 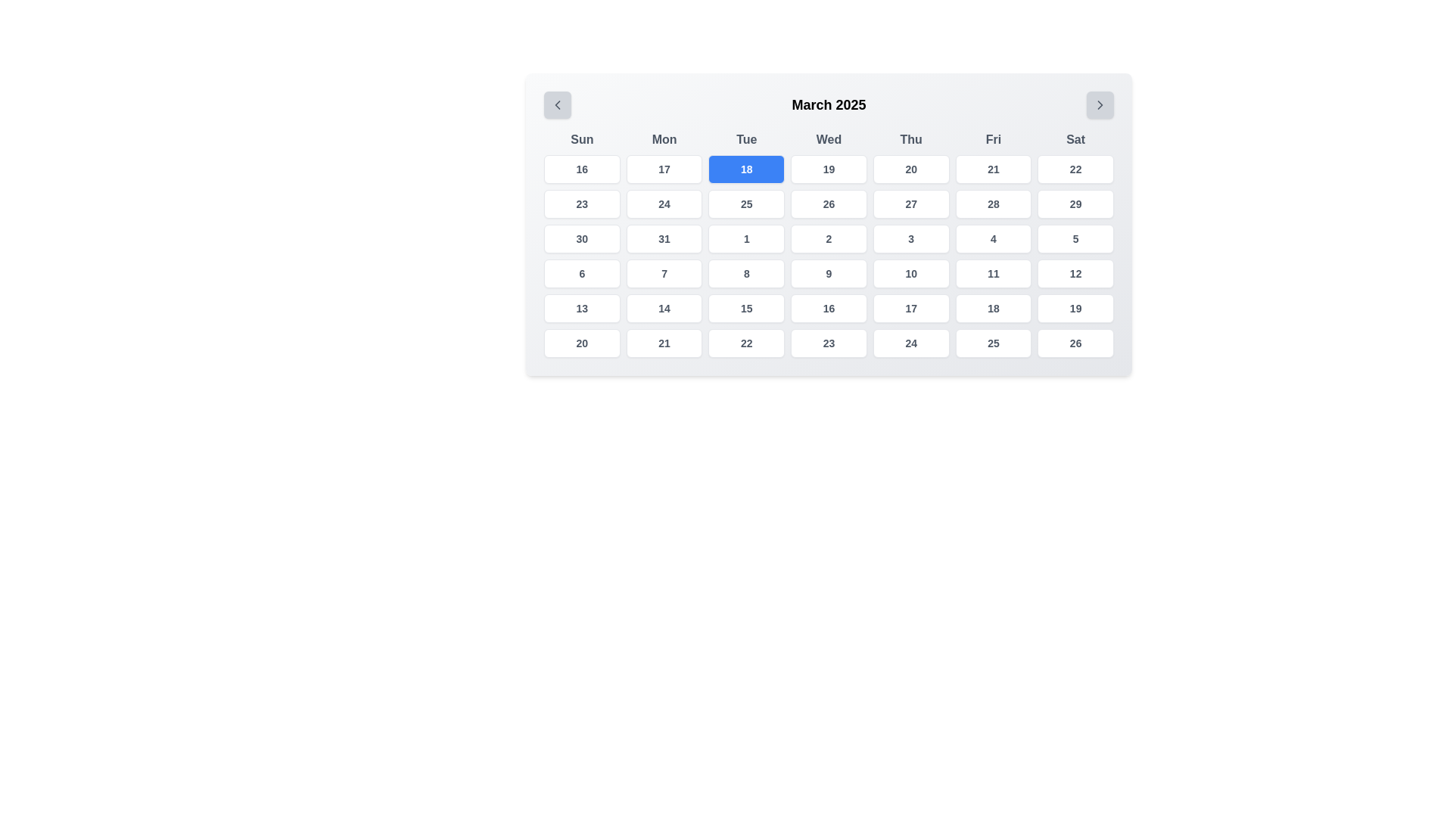 I want to click on the clickable calendar date cell located in the fifth column of the fourth row under the 'Wed' header, so click(x=828, y=204).